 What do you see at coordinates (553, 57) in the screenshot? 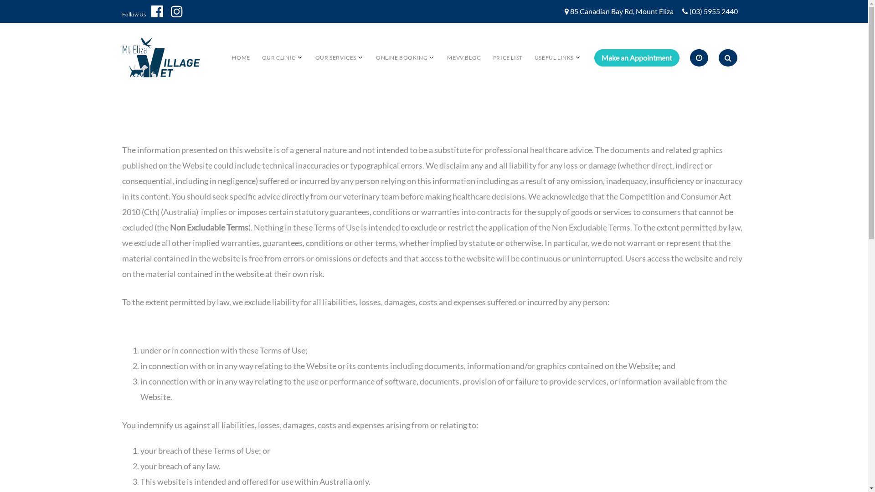
I see `'USEFUL LINKS'` at bounding box center [553, 57].